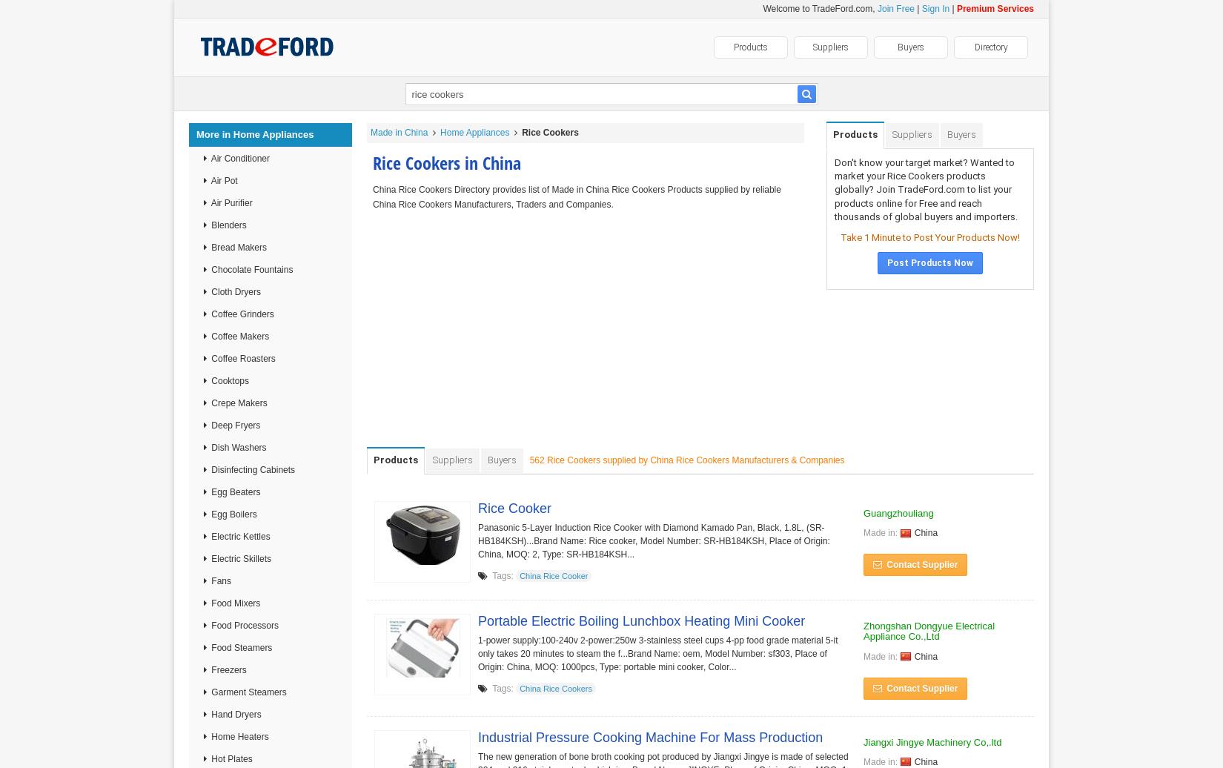  What do you see at coordinates (864, 741) in the screenshot?
I see `'Jiangxi Jingye Machinery Co,.ltd'` at bounding box center [864, 741].